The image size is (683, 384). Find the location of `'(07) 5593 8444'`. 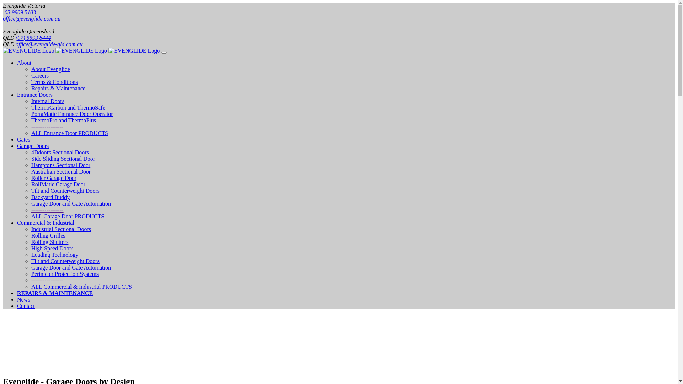

'(07) 5593 8444' is located at coordinates (33, 38).